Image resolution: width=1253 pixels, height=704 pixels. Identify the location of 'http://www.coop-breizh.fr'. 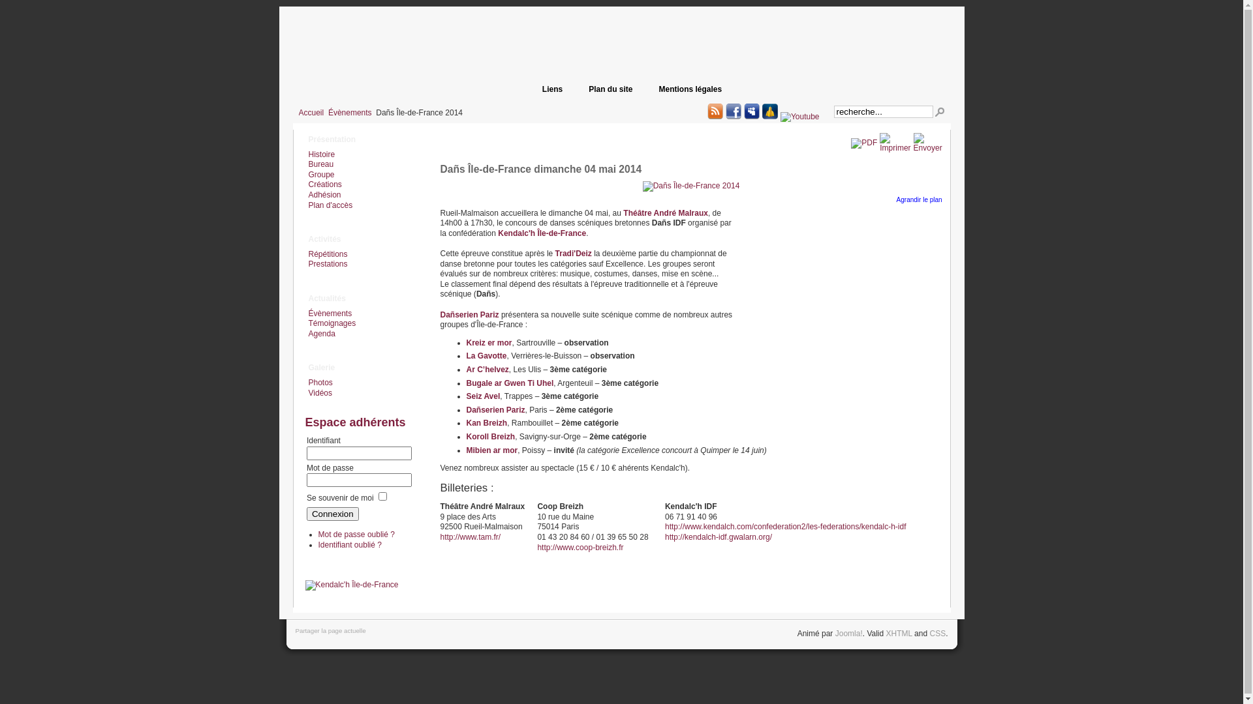
(579, 548).